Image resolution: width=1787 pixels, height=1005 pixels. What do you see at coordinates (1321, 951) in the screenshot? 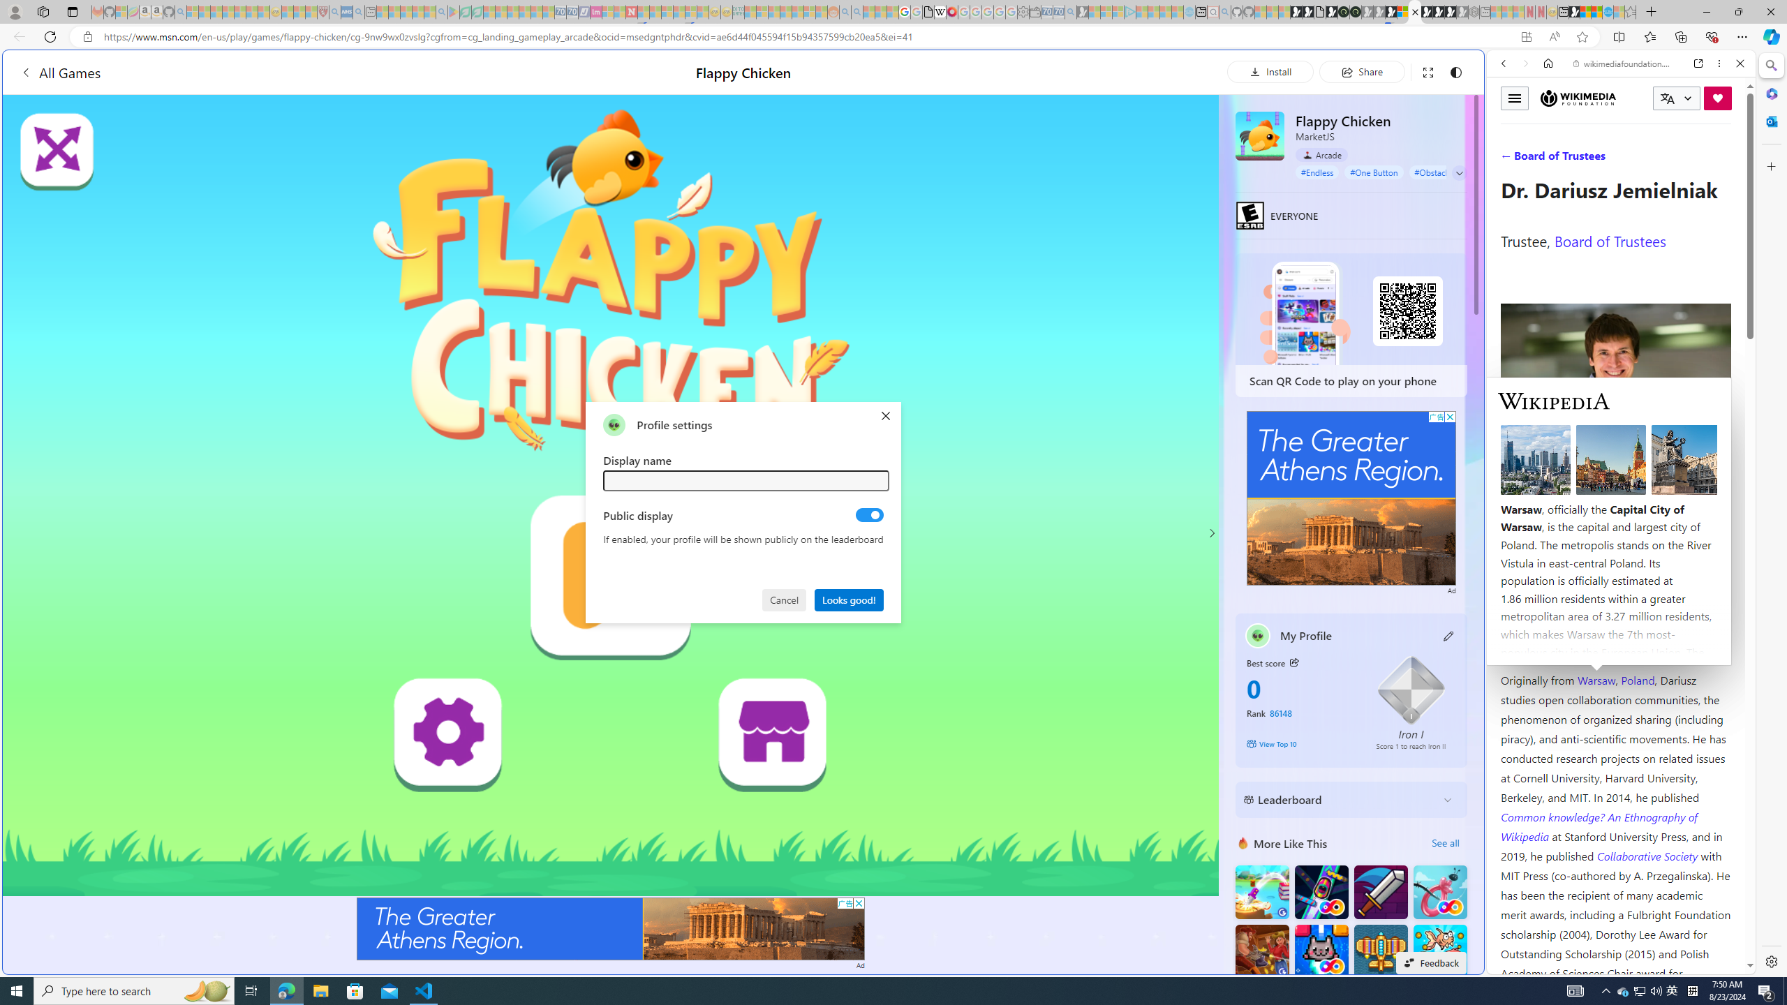
I see `'Kitten Force FRVR'` at bounding box center [1321, 951].